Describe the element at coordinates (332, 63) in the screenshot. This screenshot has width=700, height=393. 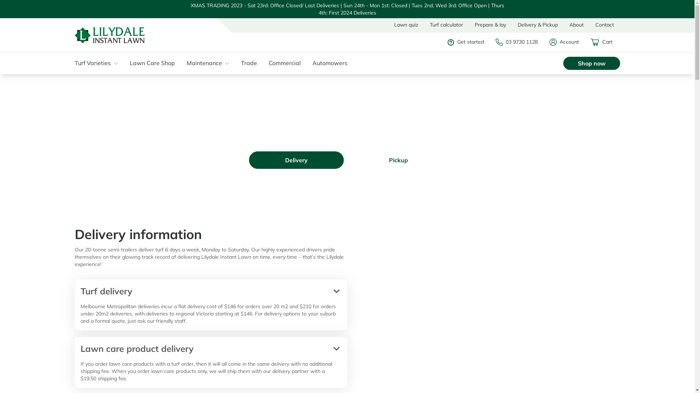
I see `'Automowers'` at that location.